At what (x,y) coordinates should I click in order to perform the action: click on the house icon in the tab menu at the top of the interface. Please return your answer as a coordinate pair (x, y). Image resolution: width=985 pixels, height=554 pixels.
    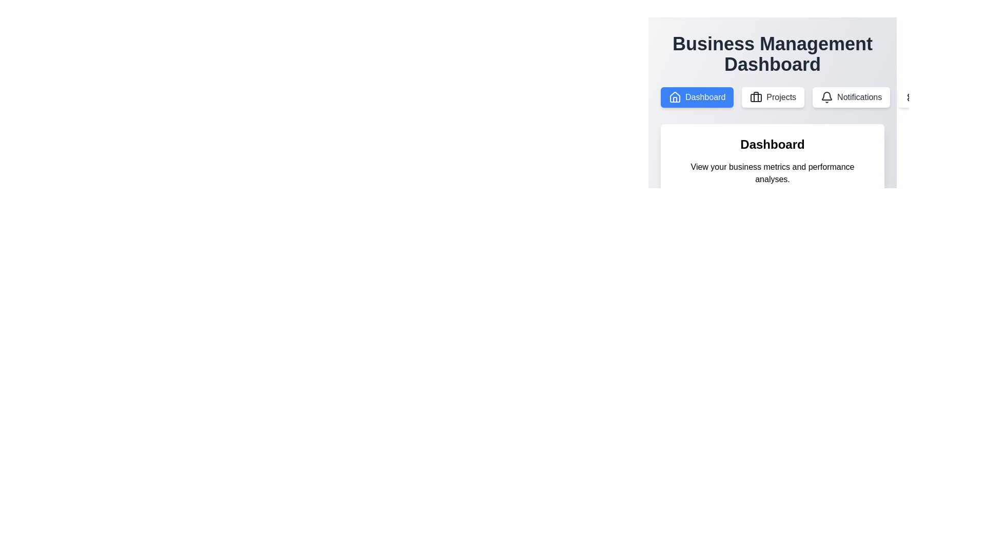
    Looking at the image, I should click on (675, 97).